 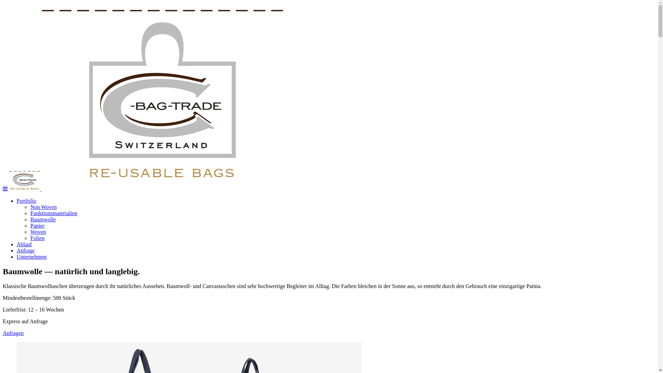 I want to click on 'Papier', so click(x=37, y=226).